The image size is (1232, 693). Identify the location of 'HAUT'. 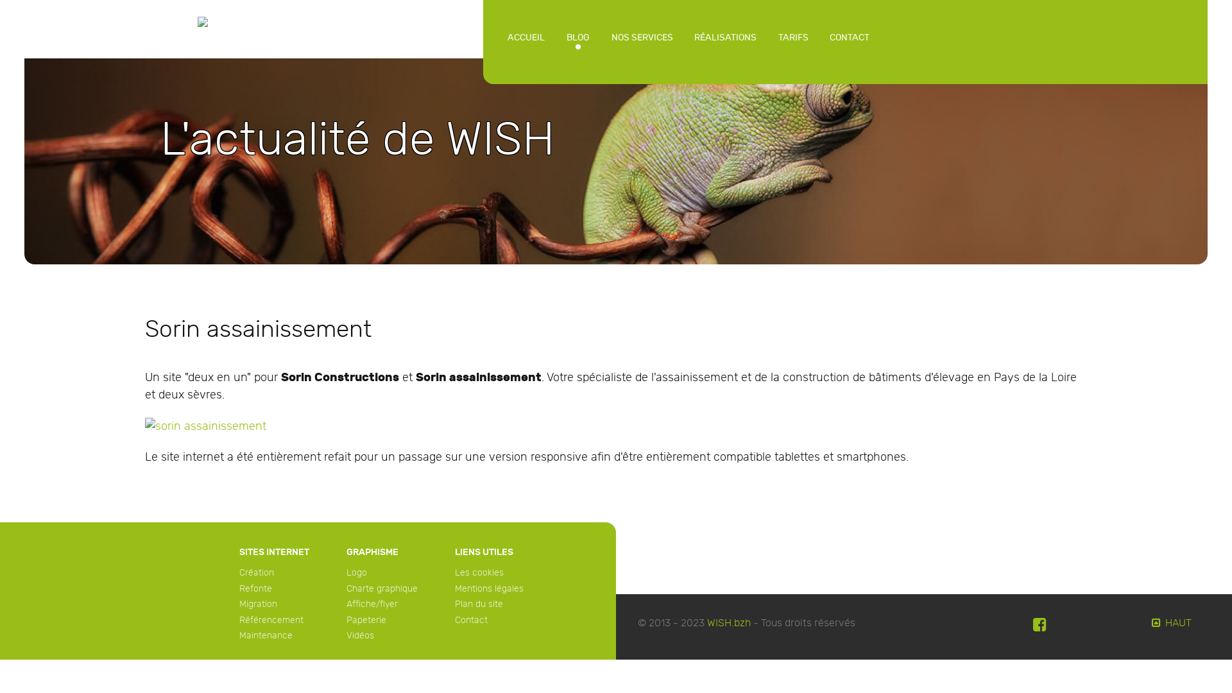
(1170, 622).